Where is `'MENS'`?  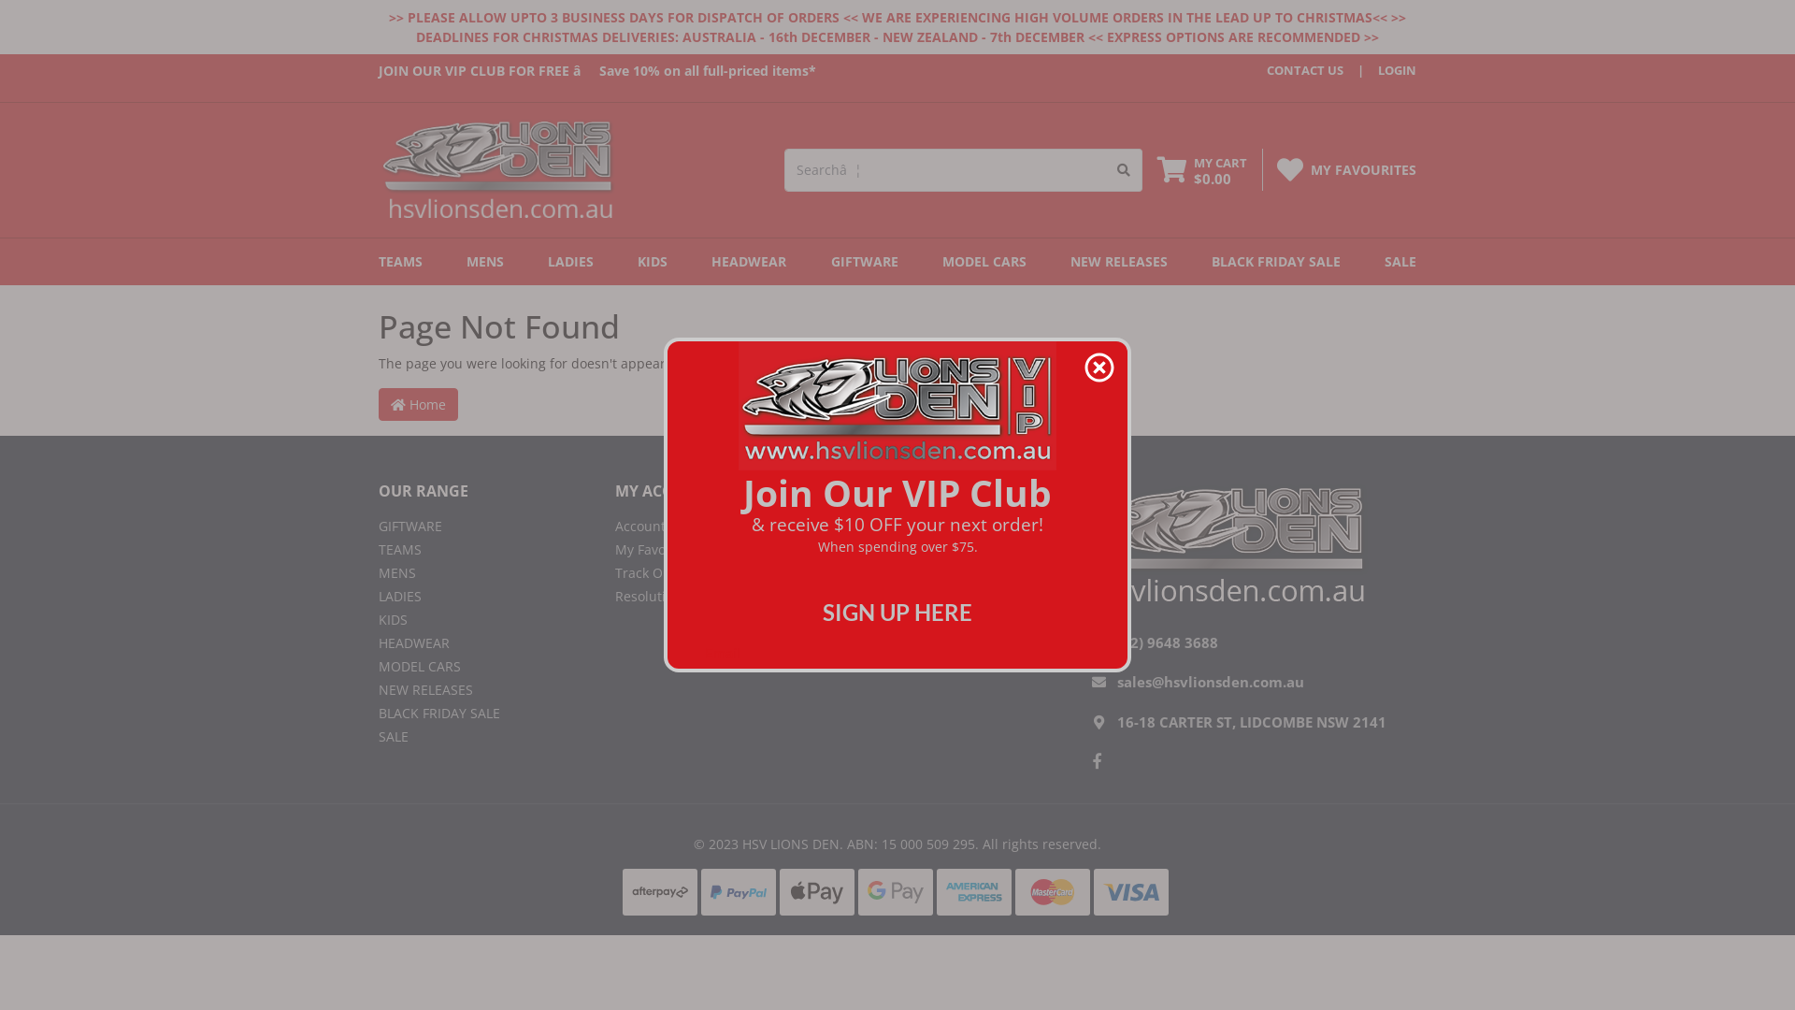
'MENS' is located at coordinates (484, 262).